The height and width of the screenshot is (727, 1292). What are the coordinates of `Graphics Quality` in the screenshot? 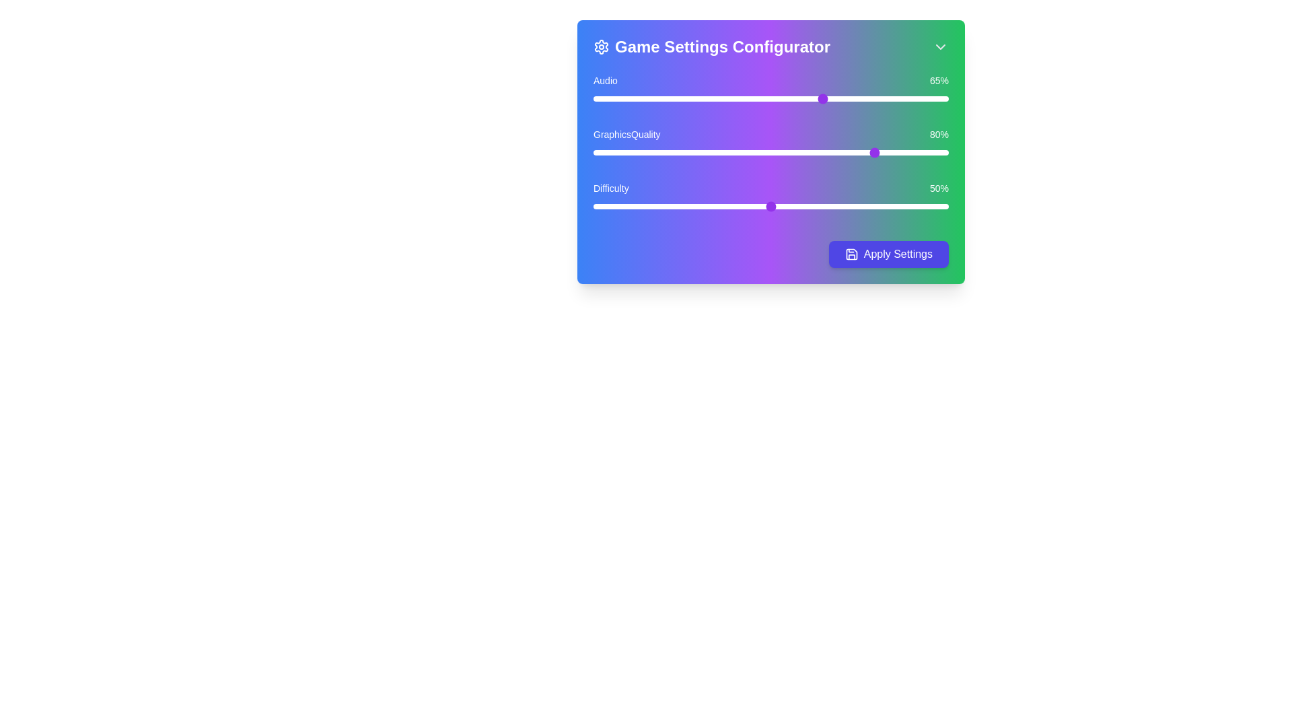 It's located at (724, 152).